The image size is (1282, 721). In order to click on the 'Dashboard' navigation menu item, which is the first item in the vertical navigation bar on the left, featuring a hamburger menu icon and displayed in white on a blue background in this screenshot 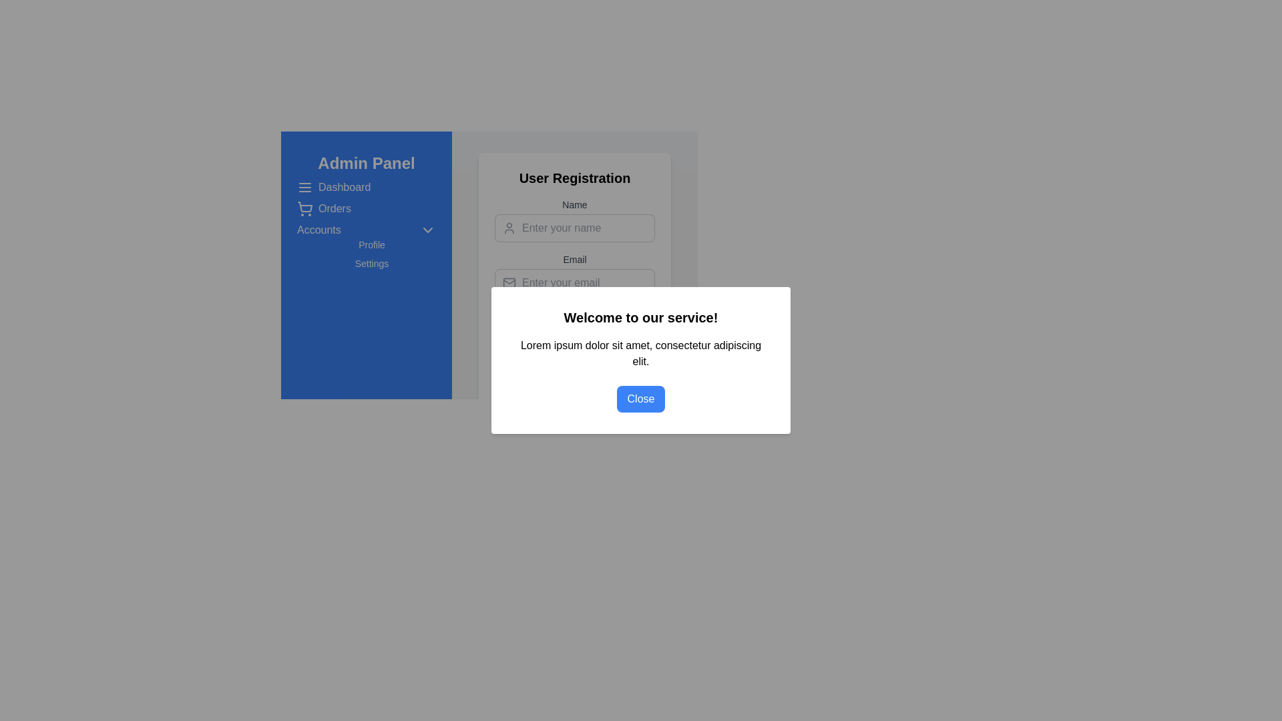, I will do `click(366, 188)`.